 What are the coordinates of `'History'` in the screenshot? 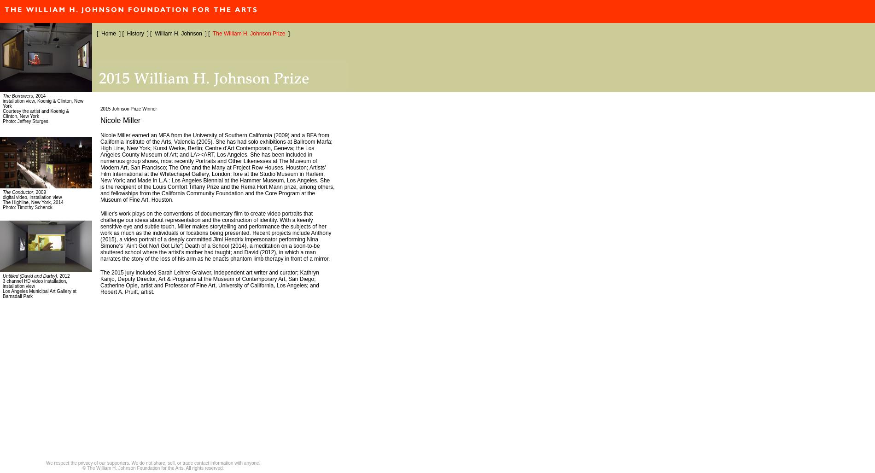 It's located at (134, 33).